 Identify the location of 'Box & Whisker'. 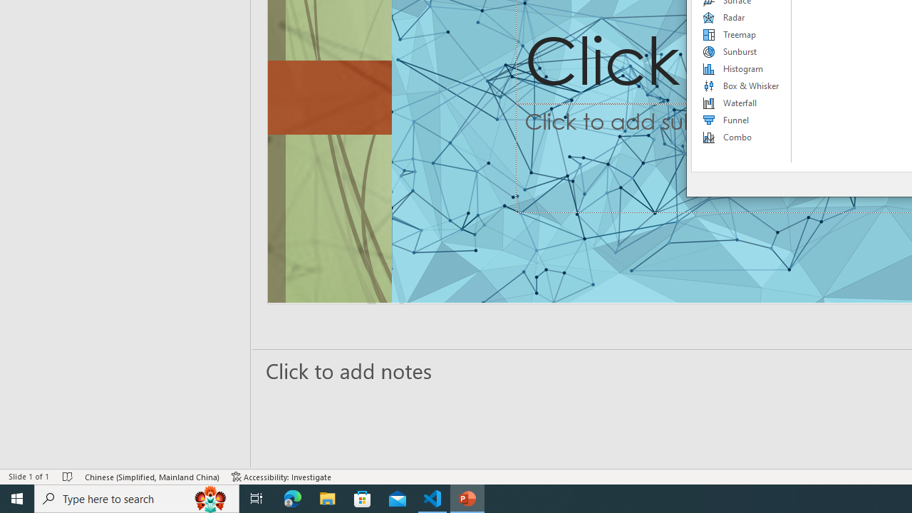
(741, 85).